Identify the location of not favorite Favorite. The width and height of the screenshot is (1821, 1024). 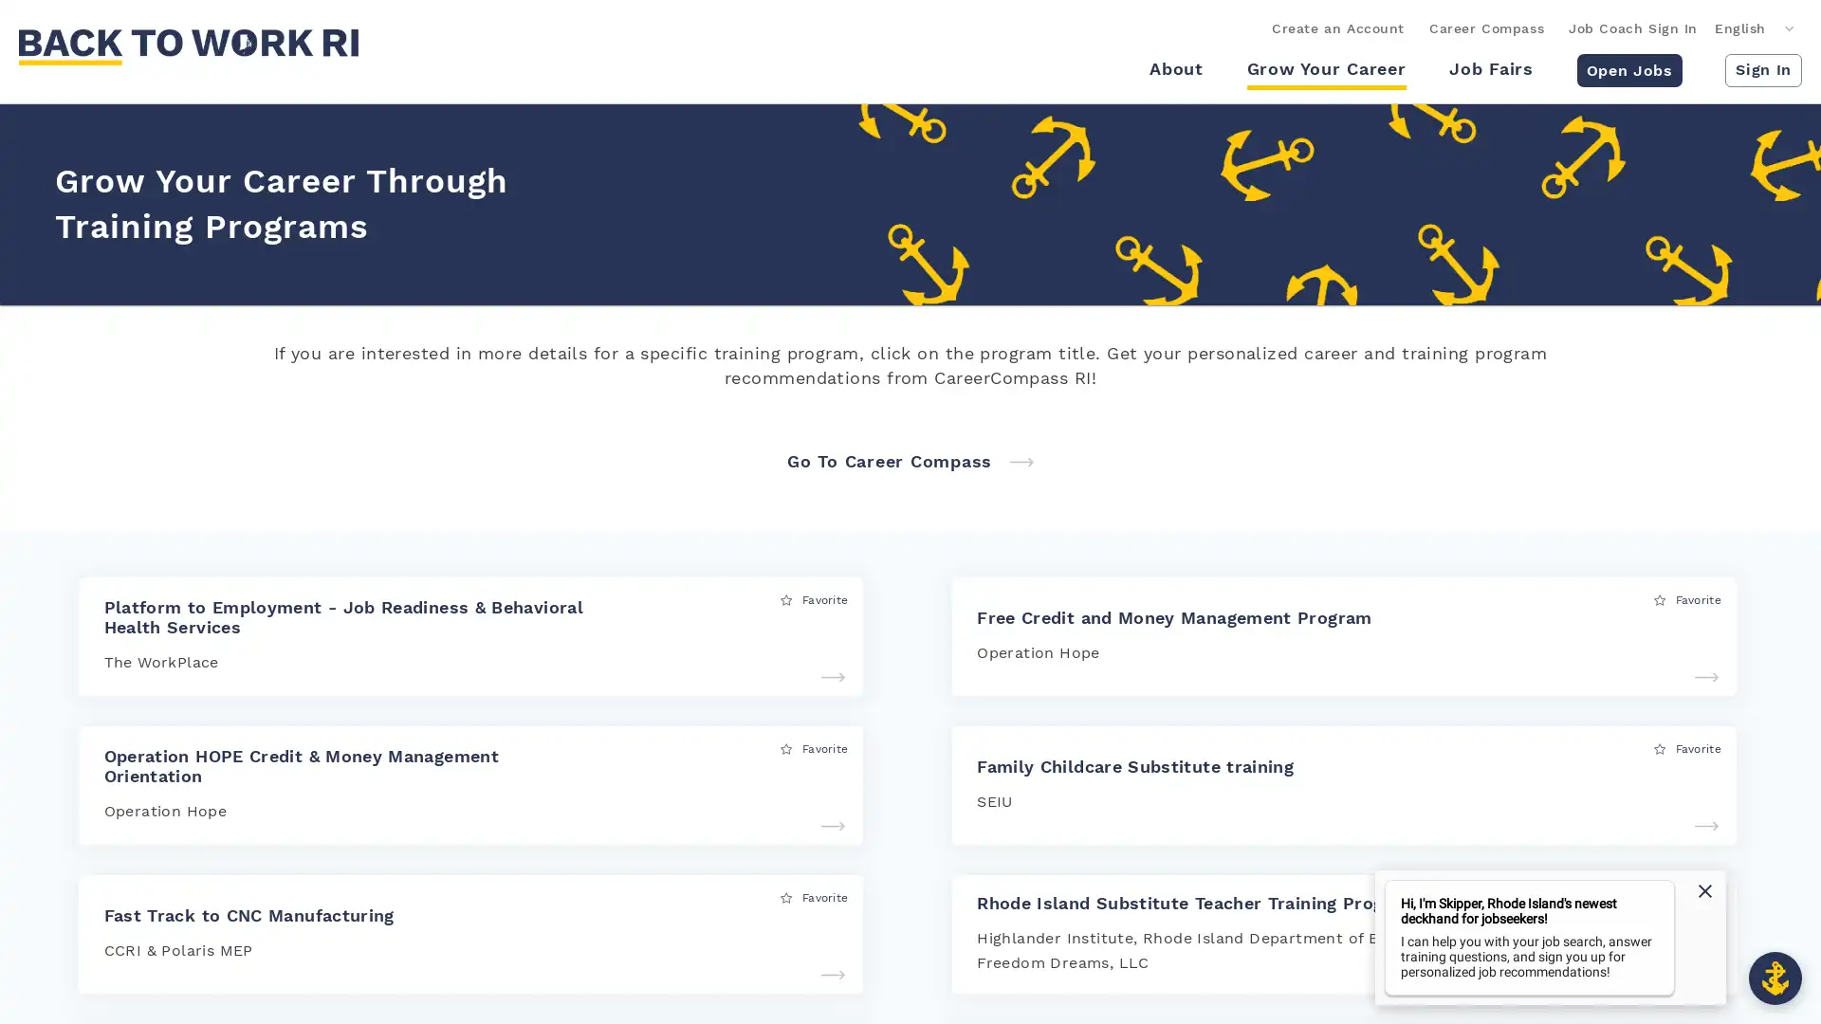
(814, 896).